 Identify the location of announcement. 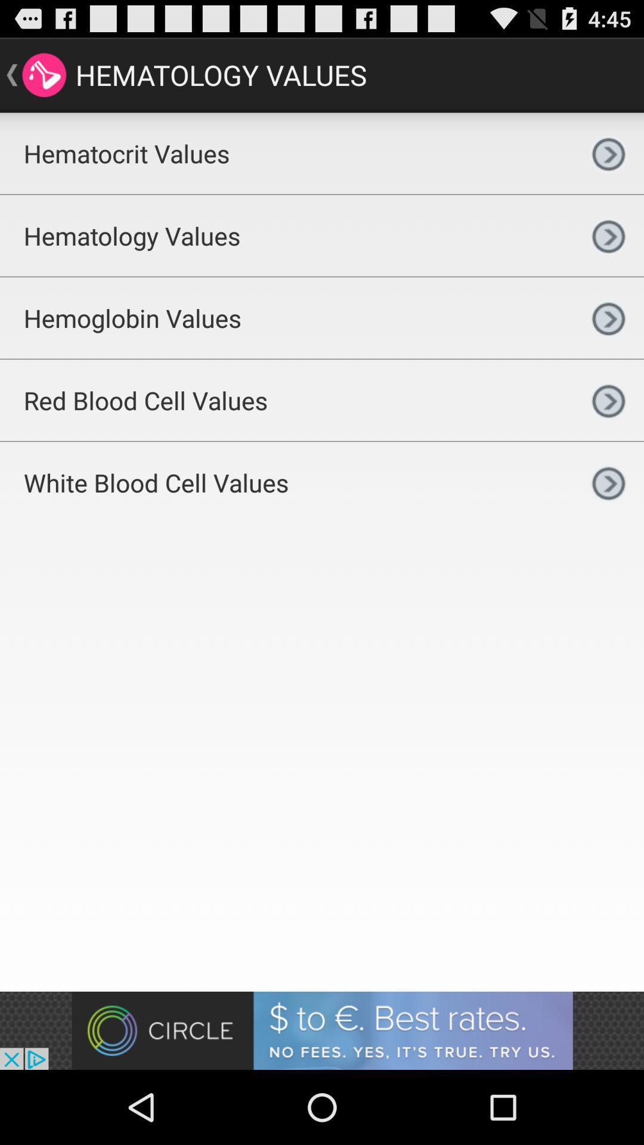
(322, 1030).